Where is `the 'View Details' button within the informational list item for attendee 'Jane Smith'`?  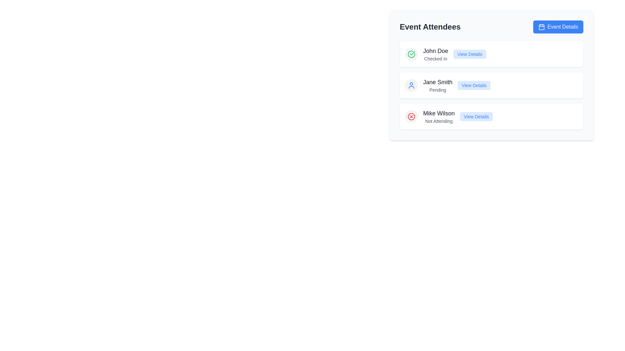 the 'View Details' button within the informational list item for attendee 'Jane Smith' is located at coordinates (492, 76).